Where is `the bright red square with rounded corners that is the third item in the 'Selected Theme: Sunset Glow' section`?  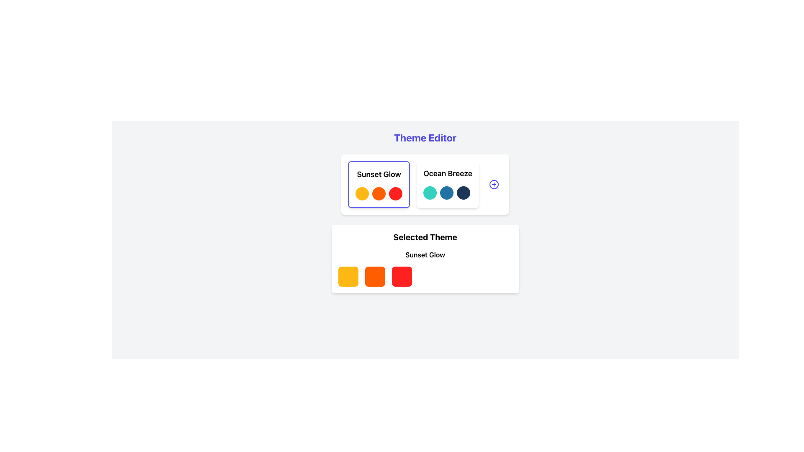
the bright red square with rounded corners that is the third item in the 'Selected Theme: Sunset Glow' section is located at coordinates (401, 276).